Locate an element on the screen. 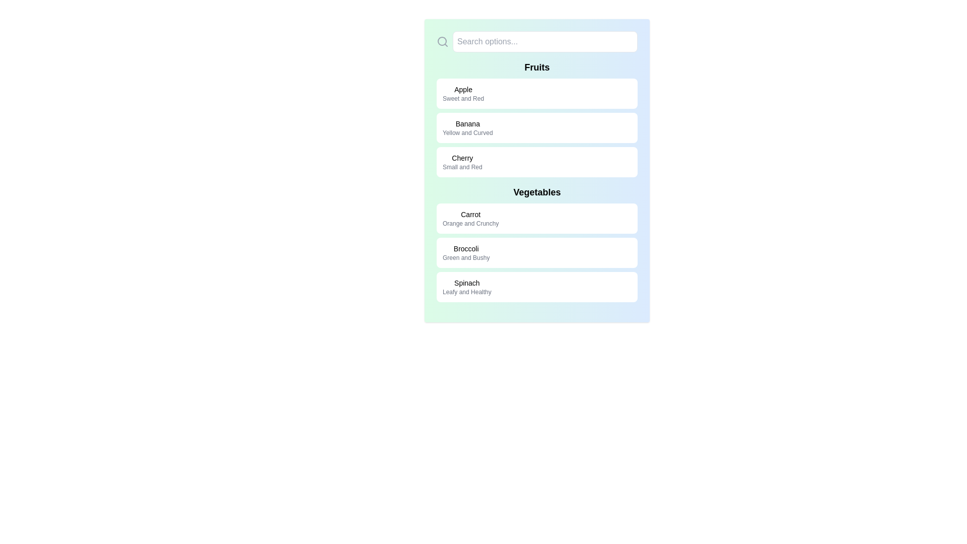 This screenshot has width=967, height=544. the Text Display Component that prominently displays 'Banana' with a smaller description 'Yellow and Curved', located in the second interactive card of the 'Fruits' section is located at coordinates (467, 127).